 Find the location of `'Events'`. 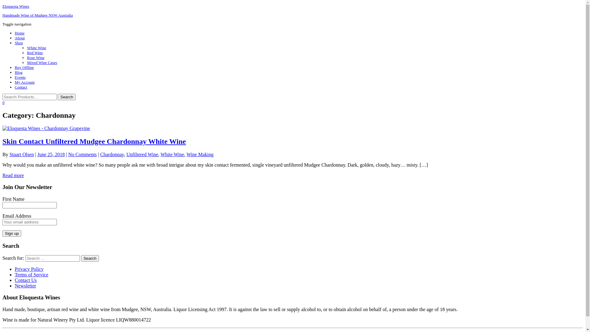

'Events' is located at coordinates (20, 77).